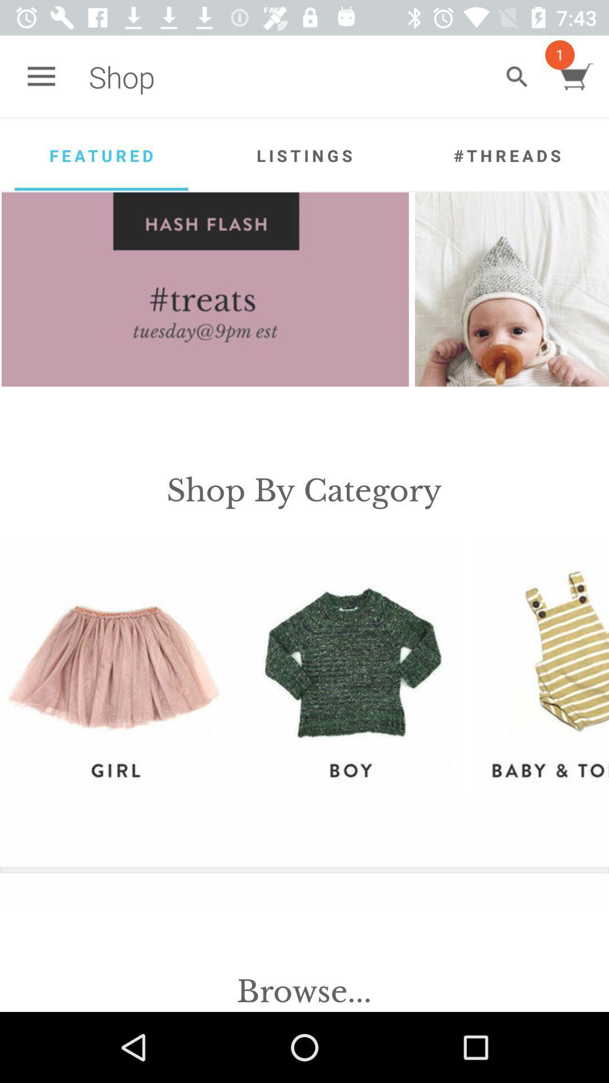 The width and height of the screenshot is (609, 1083). Describe the element at coordinates (511, 289) in the screenshot. I see `enlarge the picture of the baby` at that location.